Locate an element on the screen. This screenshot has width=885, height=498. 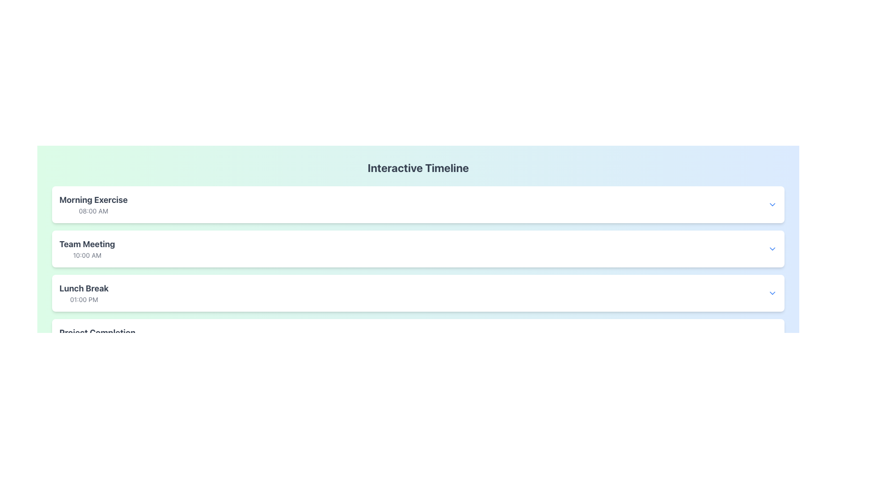
the bold and large gray text 'Morning Exercise' located at the top-left section of the first event card in the scheduled events list is located at coordinates (93, 200).